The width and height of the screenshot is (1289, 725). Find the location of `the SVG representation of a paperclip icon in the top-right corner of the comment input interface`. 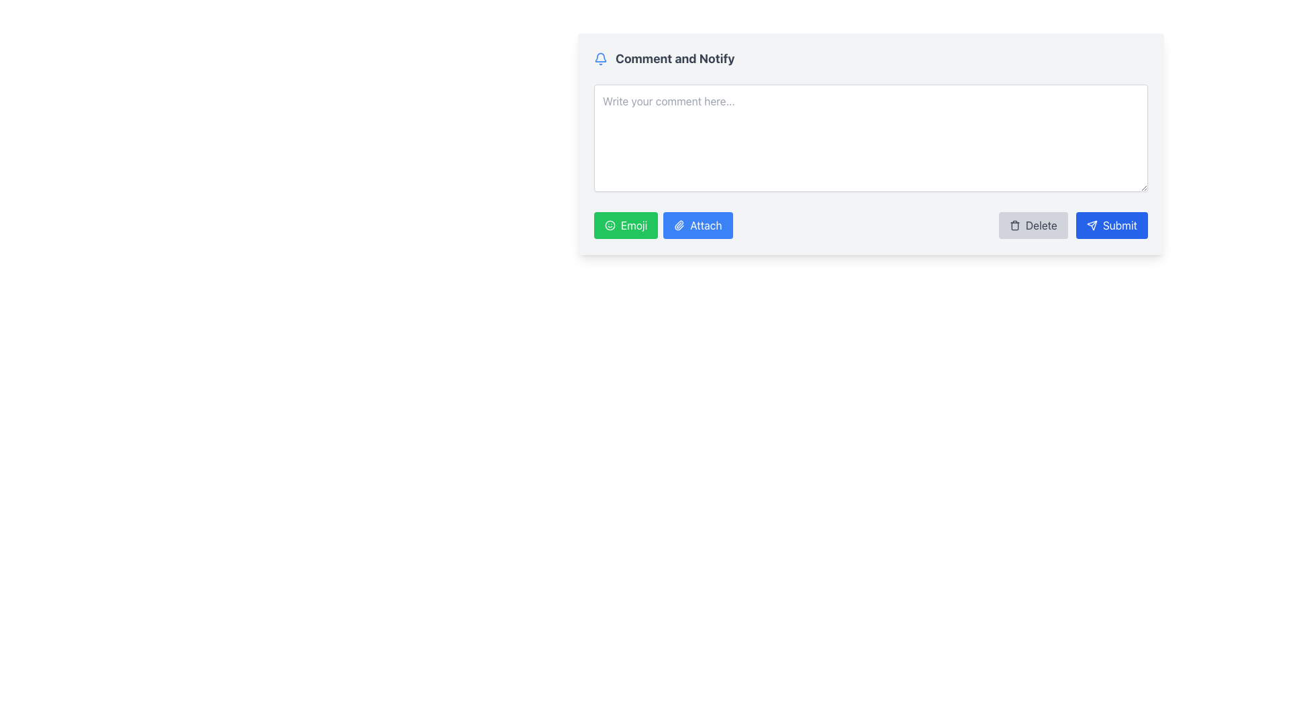

the SVG representation of a paperclip icon in the top-right corner of the comment input interface is located at coordinates (679, 224).